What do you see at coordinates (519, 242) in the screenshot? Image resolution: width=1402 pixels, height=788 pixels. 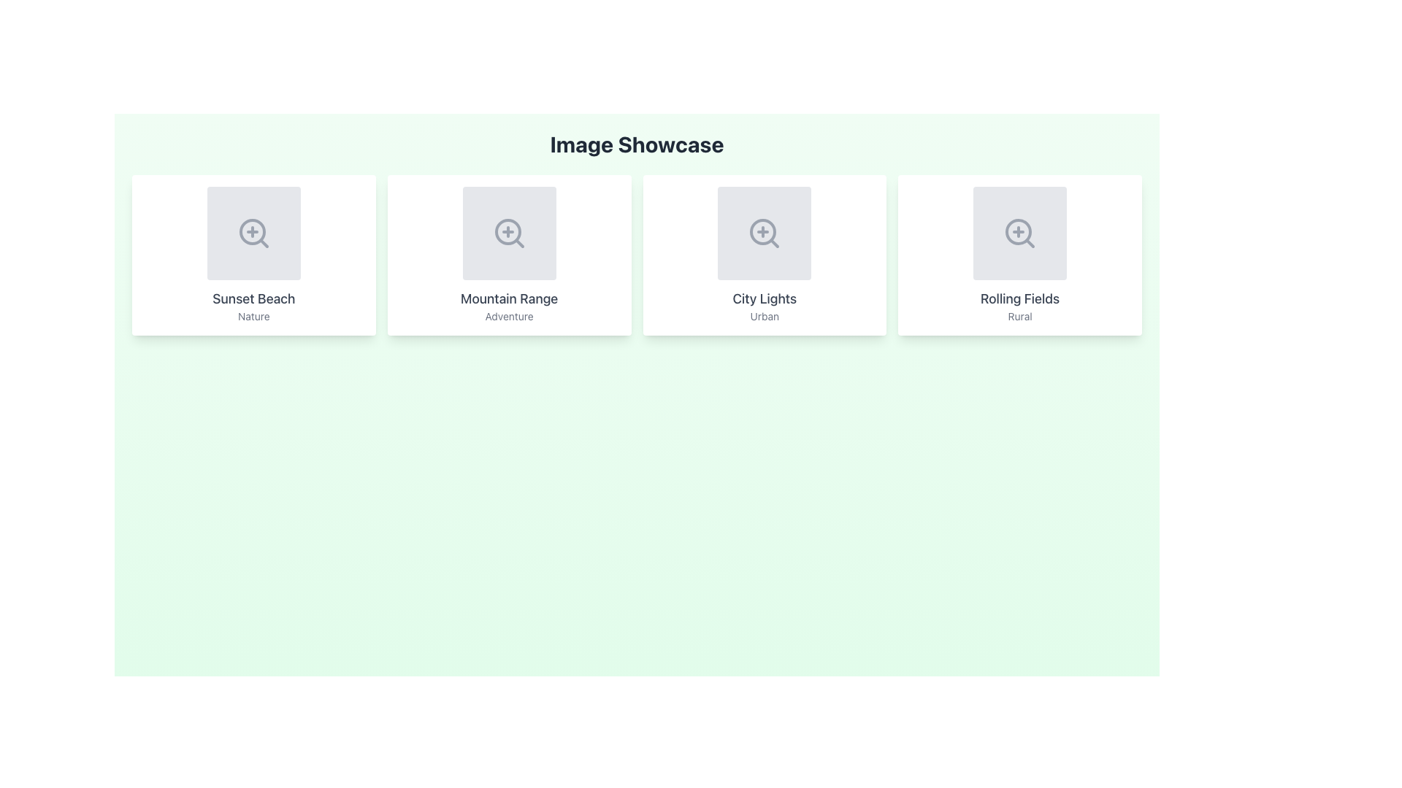 I see `the diagonal line of the zoom-in magnifying glass icon within the 'Mountain Range' image card` at bounding box center [519, 242].